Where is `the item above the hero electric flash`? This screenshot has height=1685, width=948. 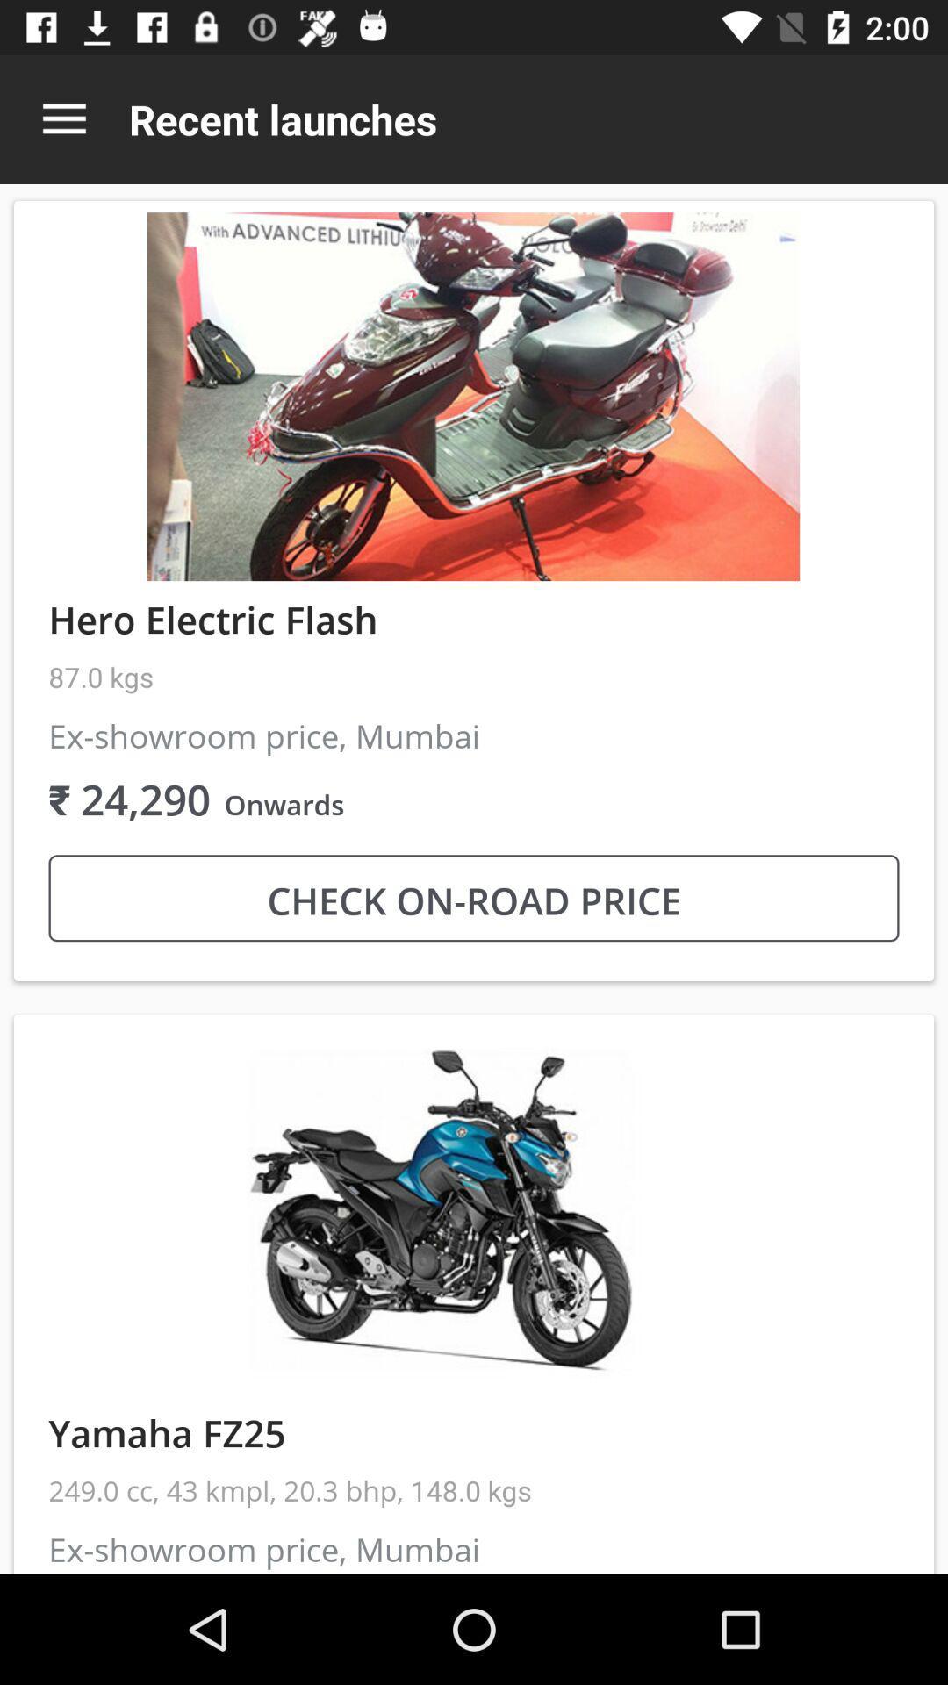
the item above the hero electric flash is located at coordinates (63, 118).